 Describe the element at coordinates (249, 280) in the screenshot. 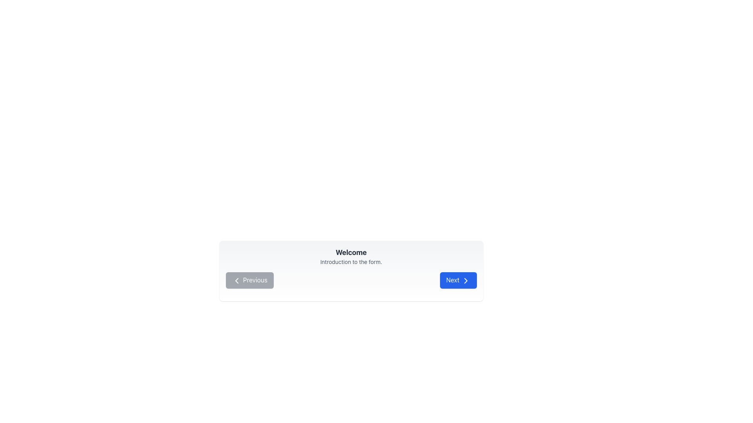

I see `the 'Previous' button located at the bottom center of the interface` at that location.